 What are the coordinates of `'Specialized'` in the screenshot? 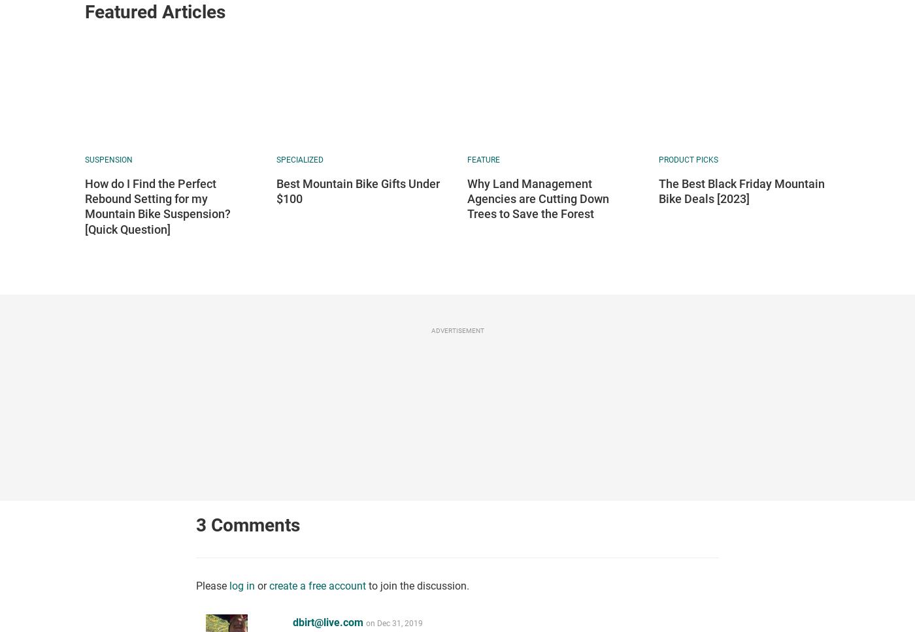 It's located at (275, 159).